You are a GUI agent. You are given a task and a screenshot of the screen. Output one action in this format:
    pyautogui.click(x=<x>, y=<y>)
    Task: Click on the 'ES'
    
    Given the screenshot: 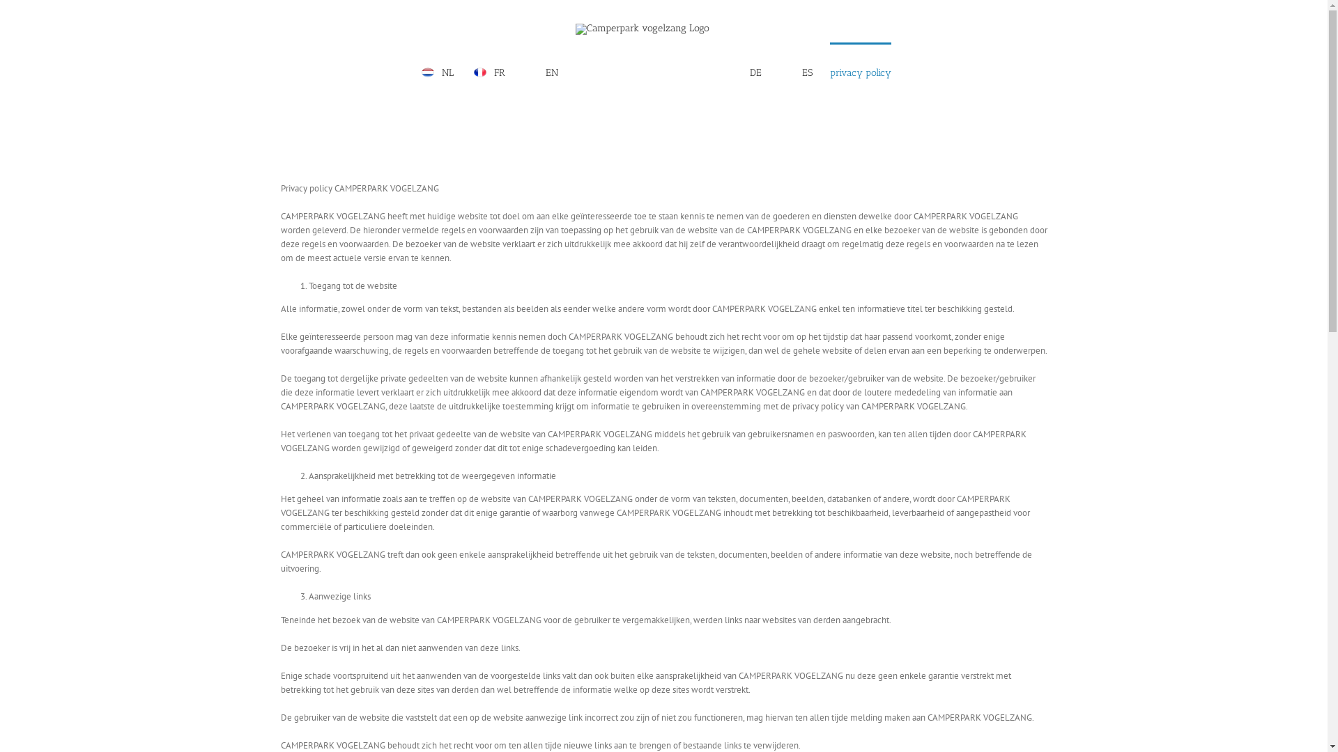 What is the action you would take?
    pyautogui.click(x=796, y=72)
    